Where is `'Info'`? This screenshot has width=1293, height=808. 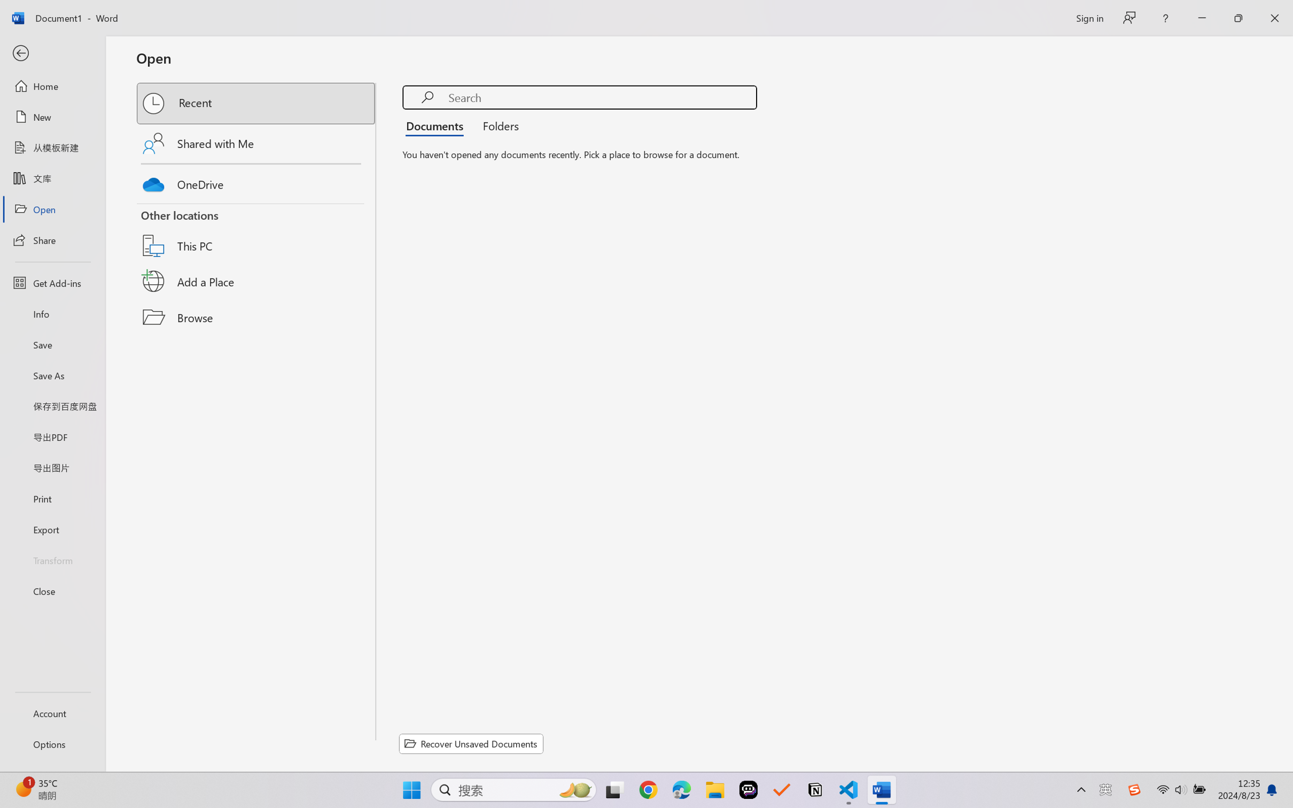
'Info' is located at coordinates (52, 313).